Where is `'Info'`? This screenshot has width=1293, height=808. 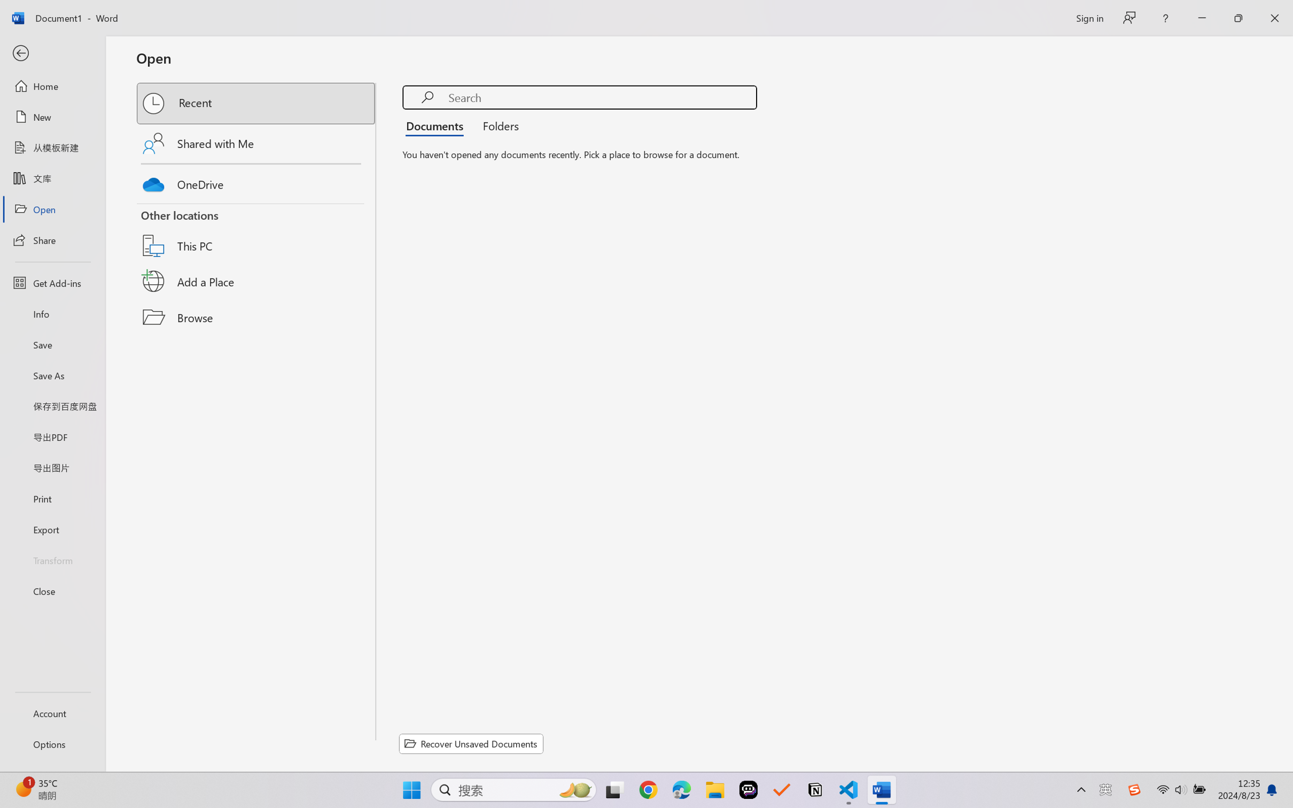
'Info' is located at coordinates (52, 313).